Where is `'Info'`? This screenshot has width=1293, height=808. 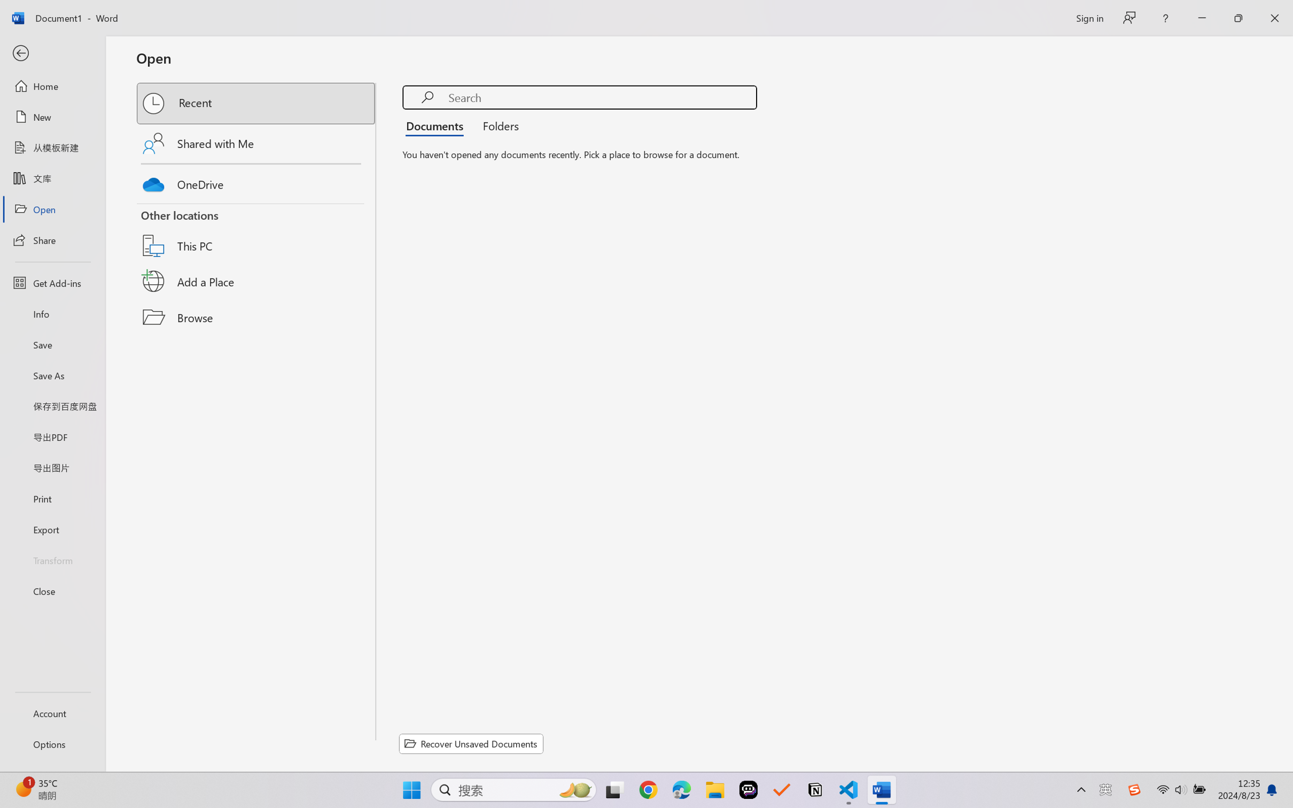
'Info' is located at coordinates (52, 313).